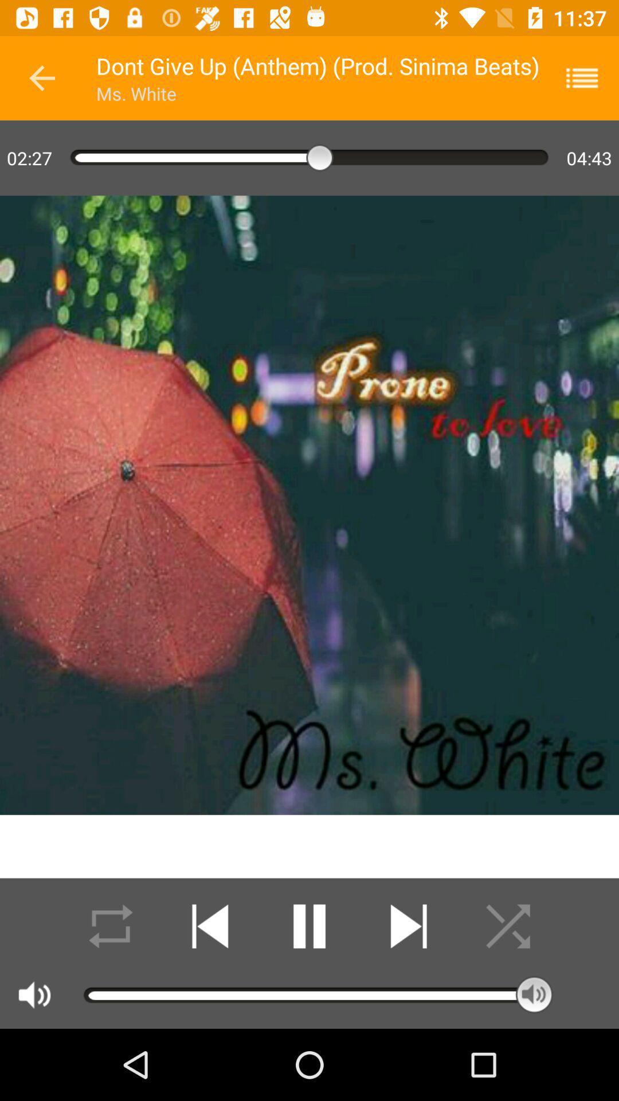 This screenshot has height=1101, width=619. Describe the element at coordinates (589, 77) in the screenshot. I see `song list` at that location.